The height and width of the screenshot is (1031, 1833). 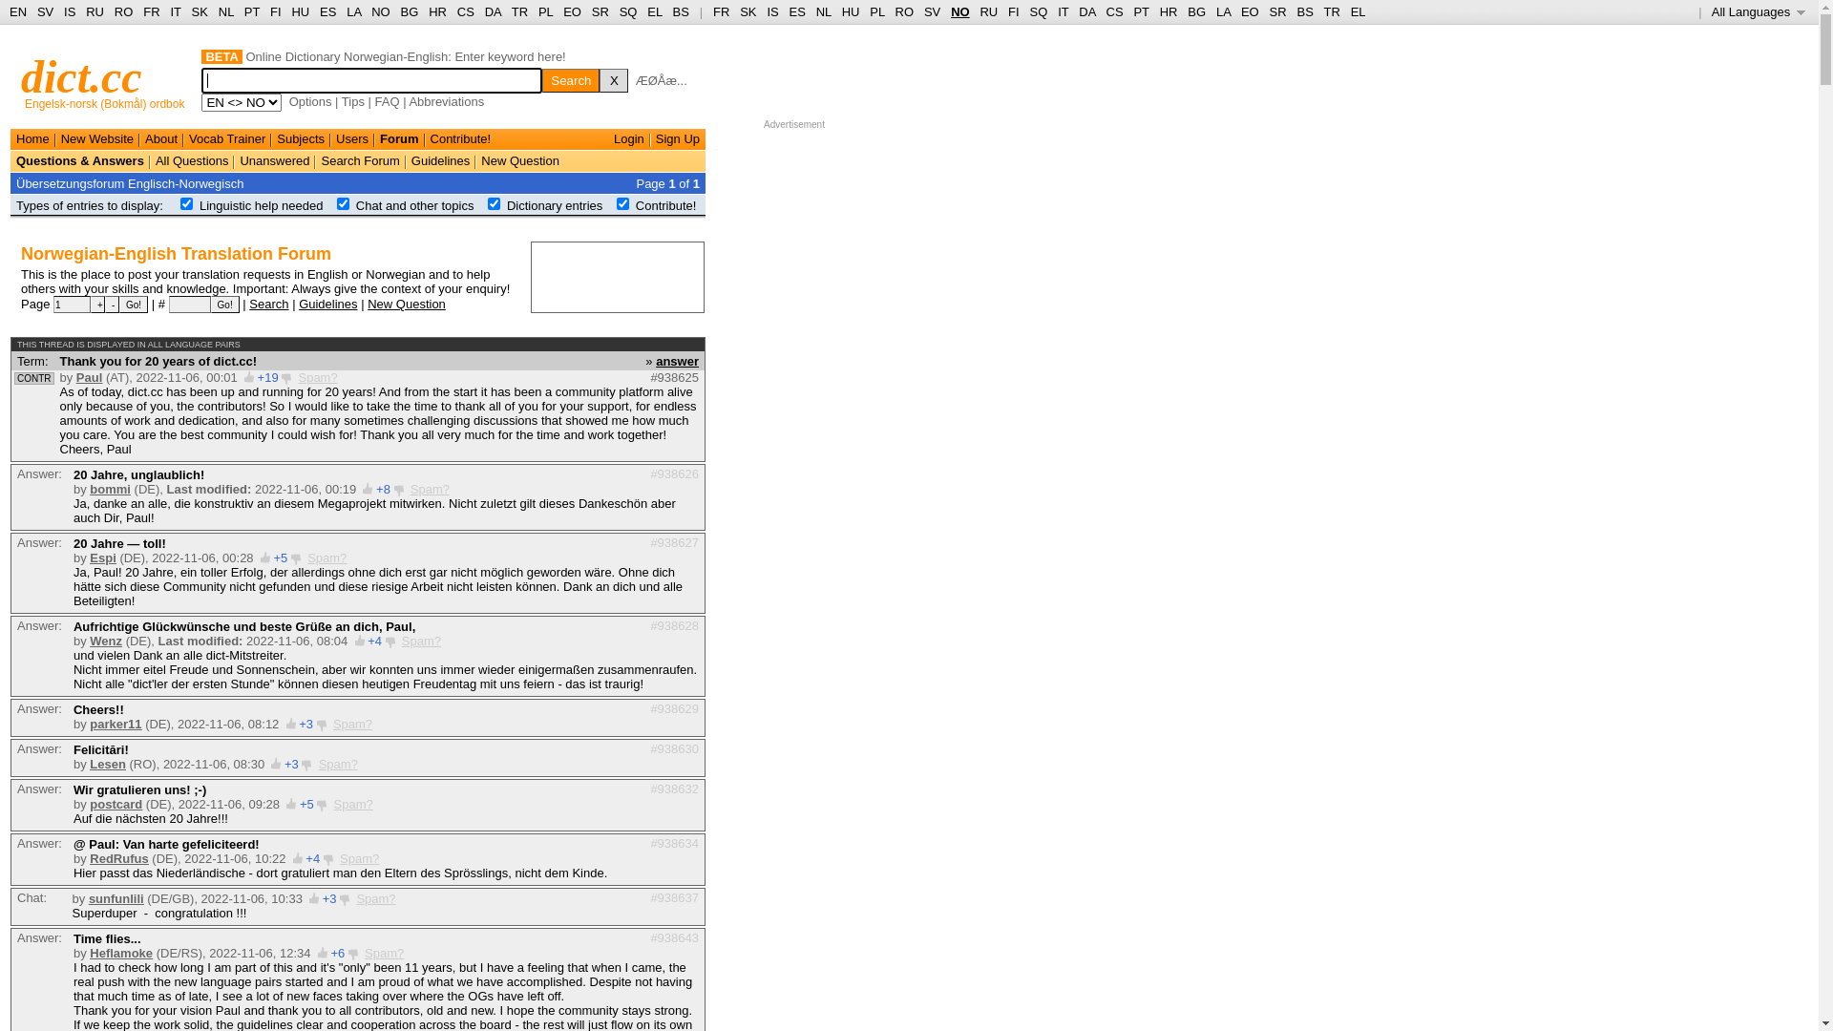 I want to click on 'BG', so click(x=400, y=11).